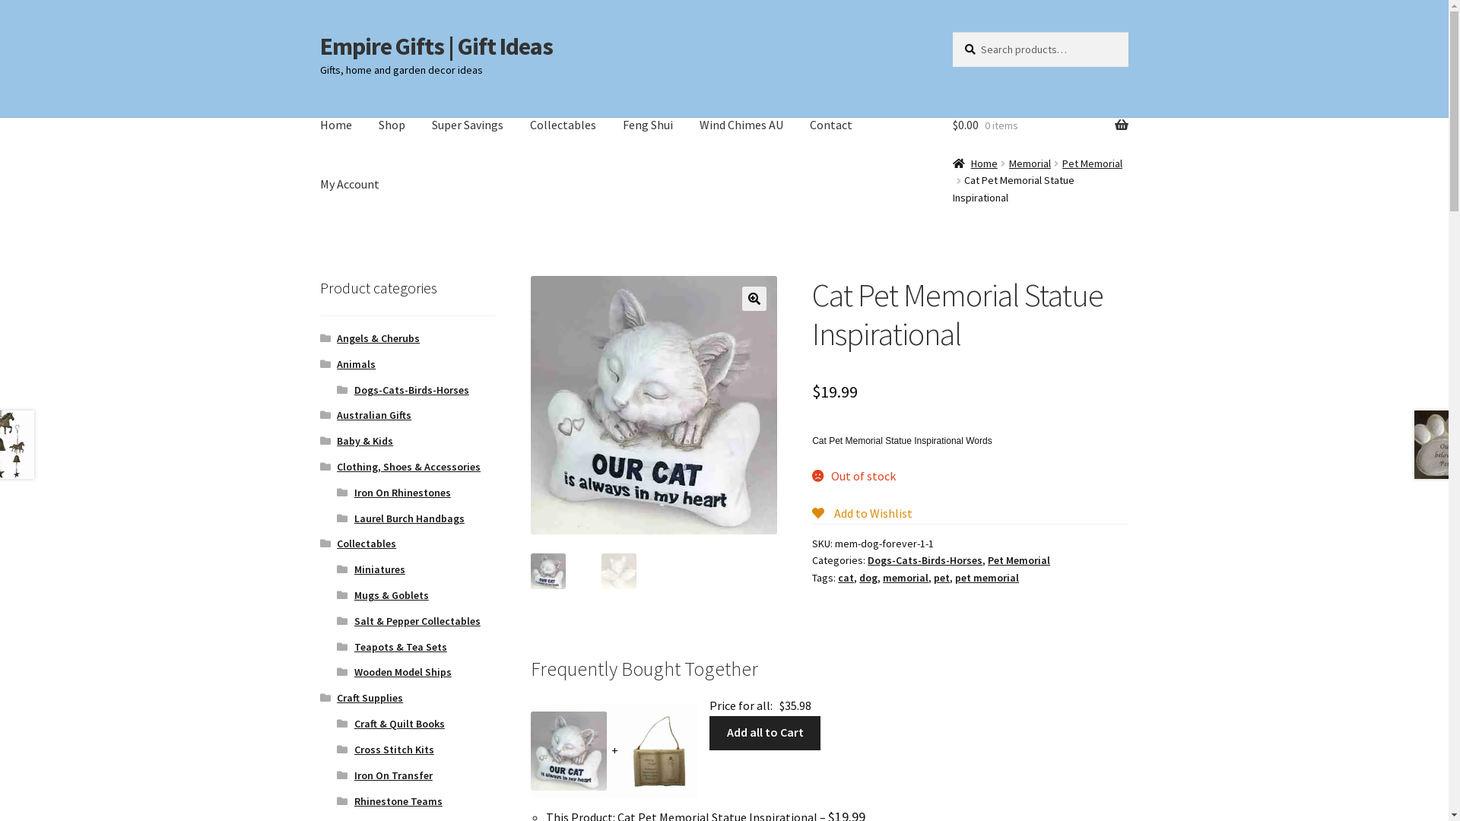 This screenshot has height=821, width=1460. What do you see at coordinates (335, 125) in the screenshot?
I see `'Home'` at bounding box center [335, 125].